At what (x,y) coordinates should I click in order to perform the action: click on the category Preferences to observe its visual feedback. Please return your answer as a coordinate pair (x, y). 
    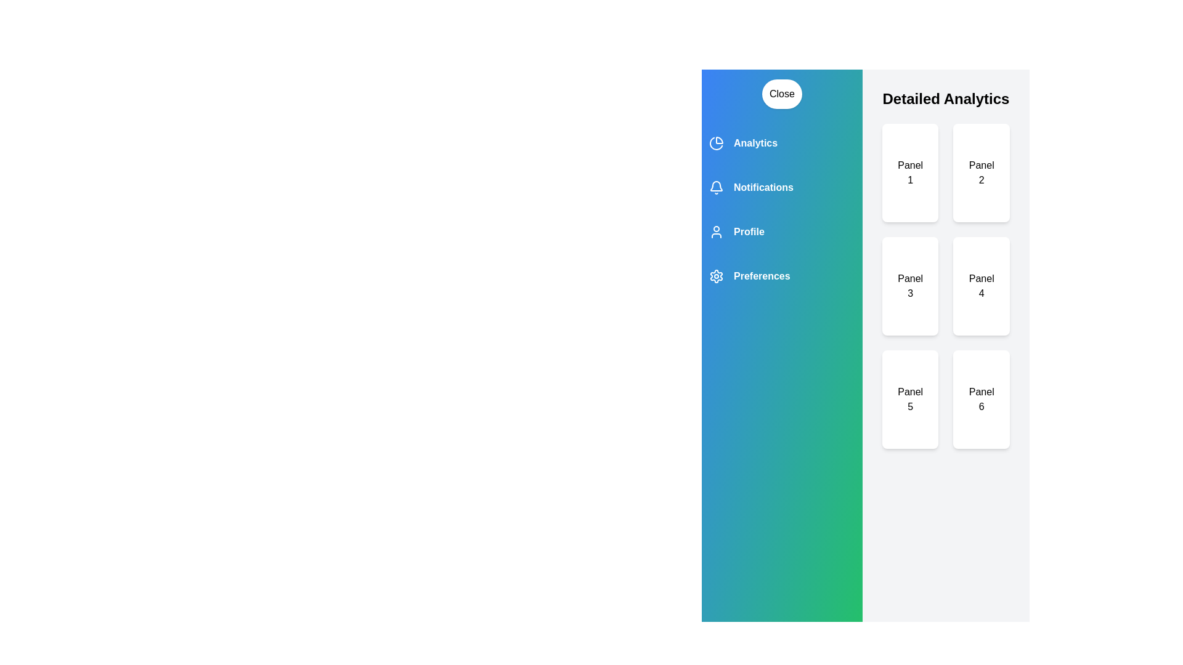
    Looking at the image, I should click on (781, 275).